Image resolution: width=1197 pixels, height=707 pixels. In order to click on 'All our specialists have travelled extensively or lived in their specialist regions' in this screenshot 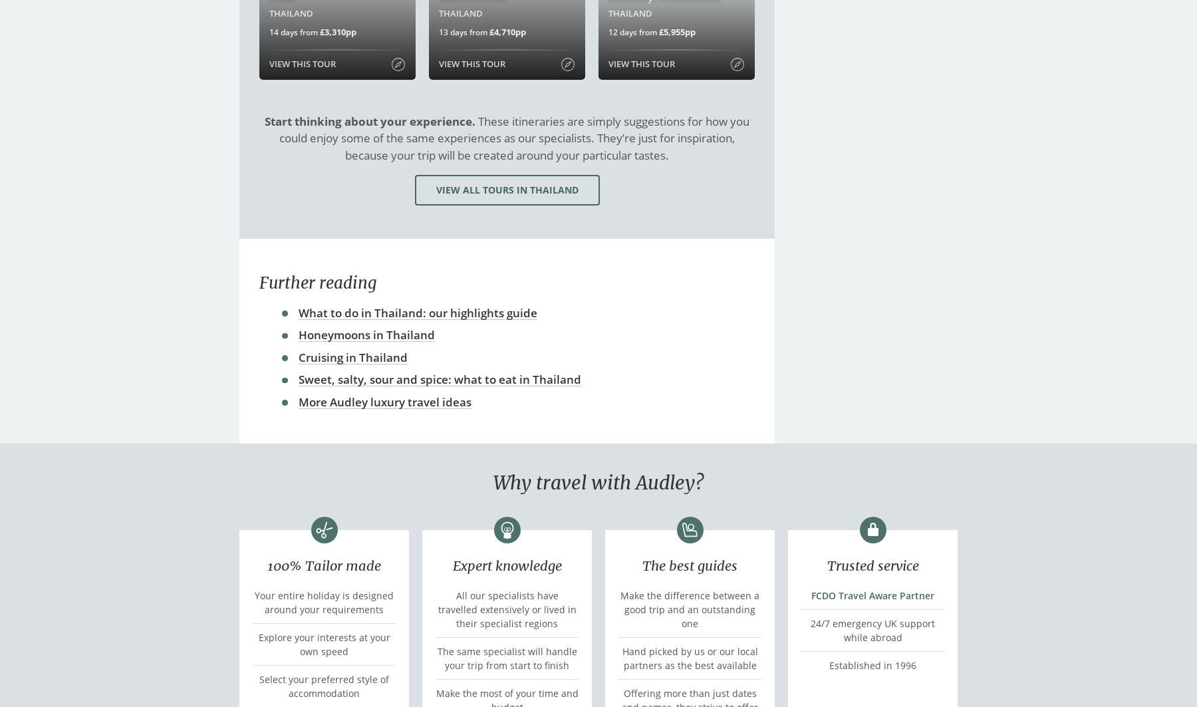, I will do `click(438, 608)`.